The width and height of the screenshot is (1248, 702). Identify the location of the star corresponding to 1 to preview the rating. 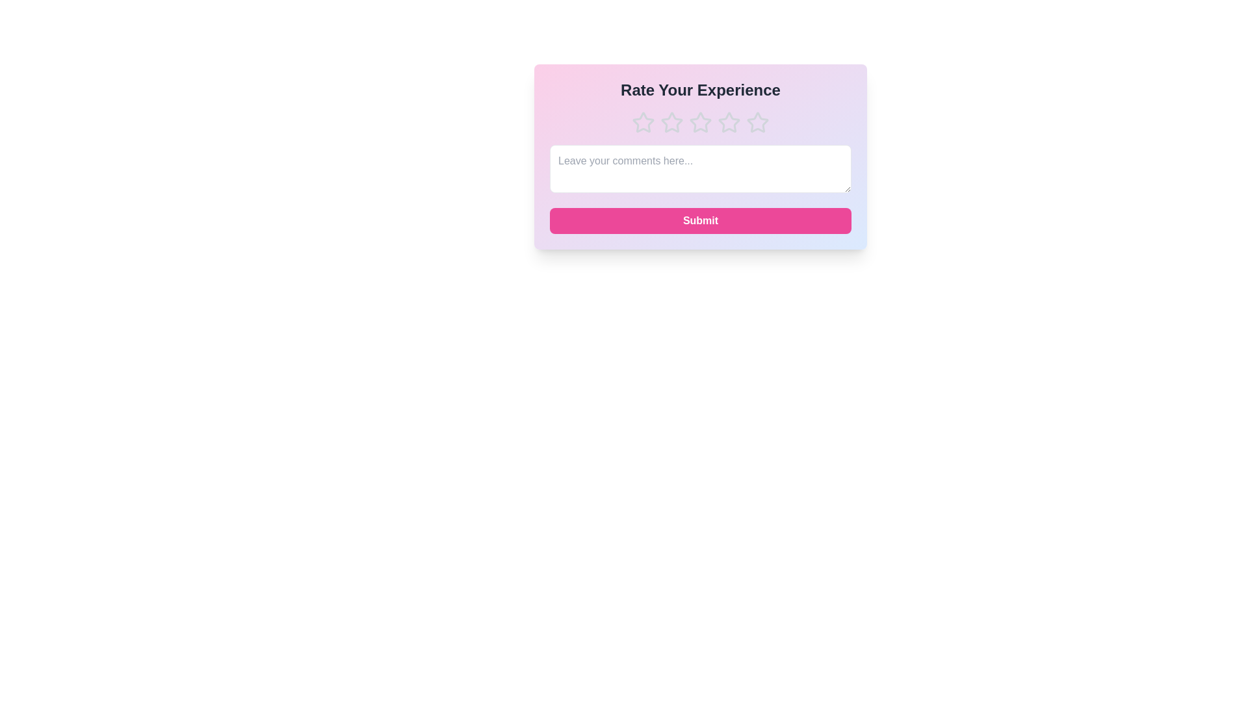
(643, 123).